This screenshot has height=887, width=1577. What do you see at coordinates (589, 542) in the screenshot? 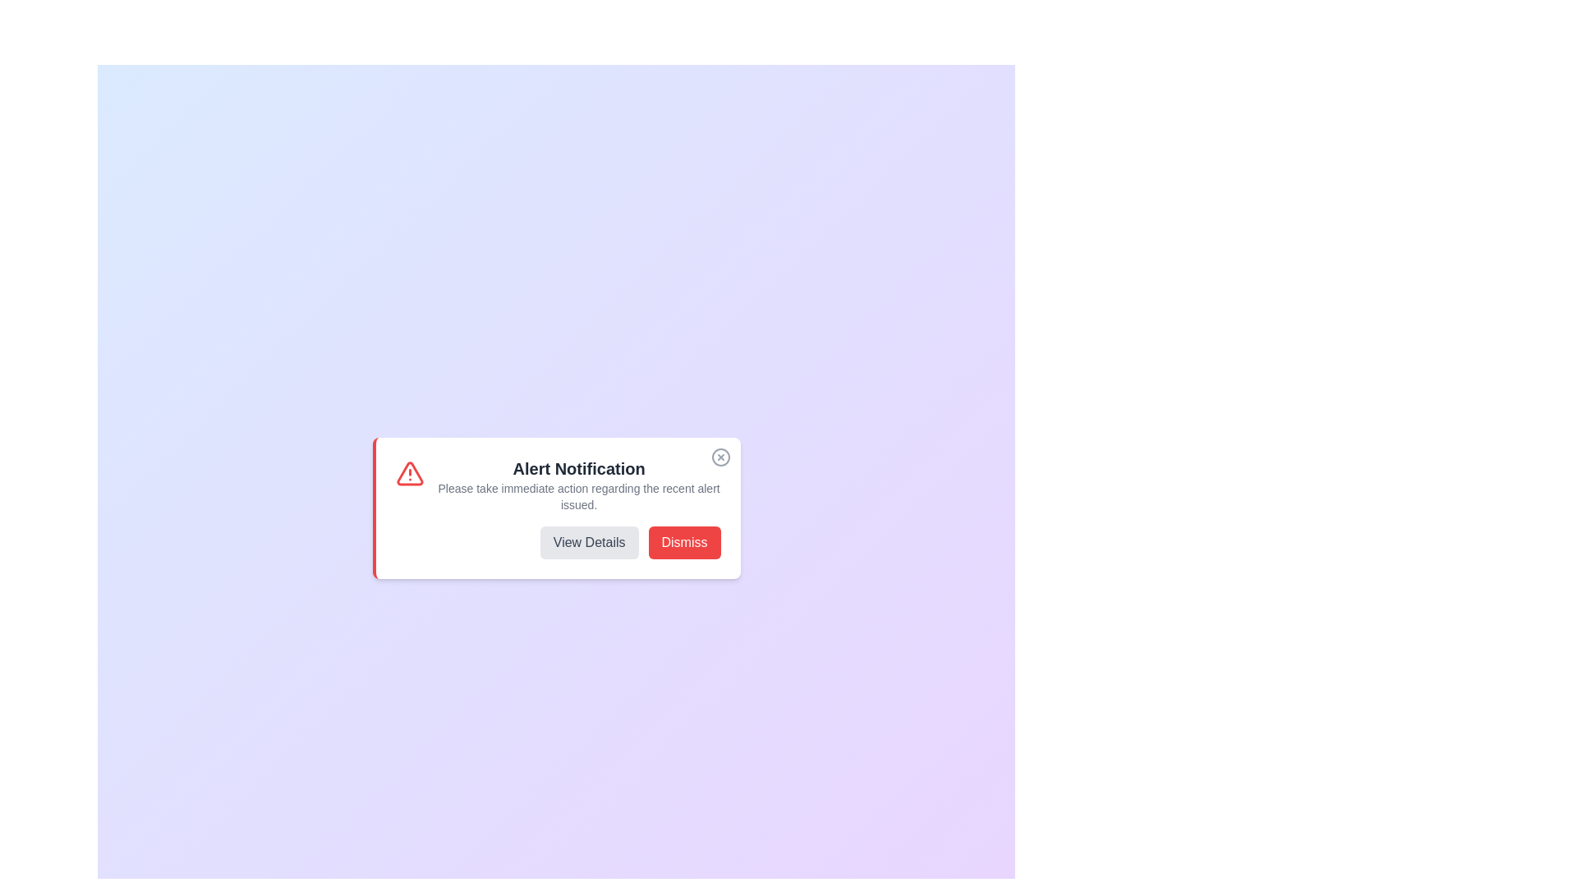
I see `'View Details' button` at bounding box center [589, 542].